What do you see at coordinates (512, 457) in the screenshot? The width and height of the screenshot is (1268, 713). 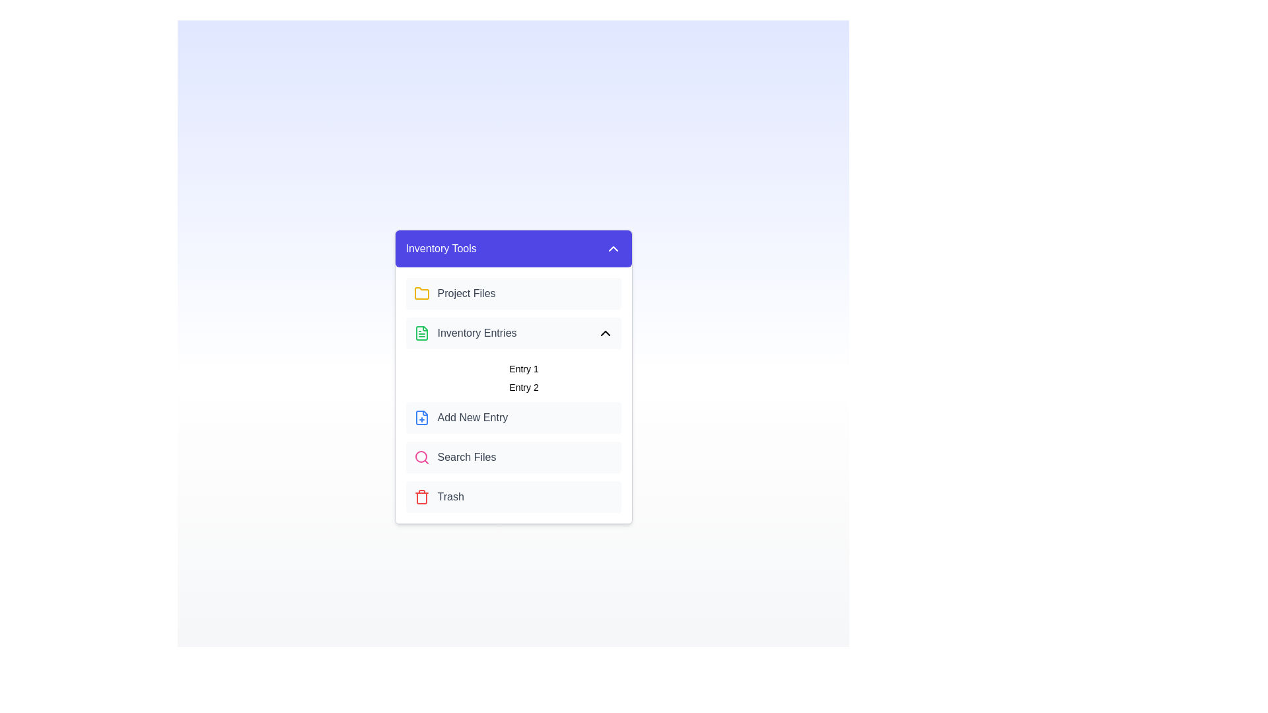 I see `the button for initiating a file search operation within the inventory tools interface, located between 'Add New Entry' and 'Trash'` at bounding box center [512, 457].